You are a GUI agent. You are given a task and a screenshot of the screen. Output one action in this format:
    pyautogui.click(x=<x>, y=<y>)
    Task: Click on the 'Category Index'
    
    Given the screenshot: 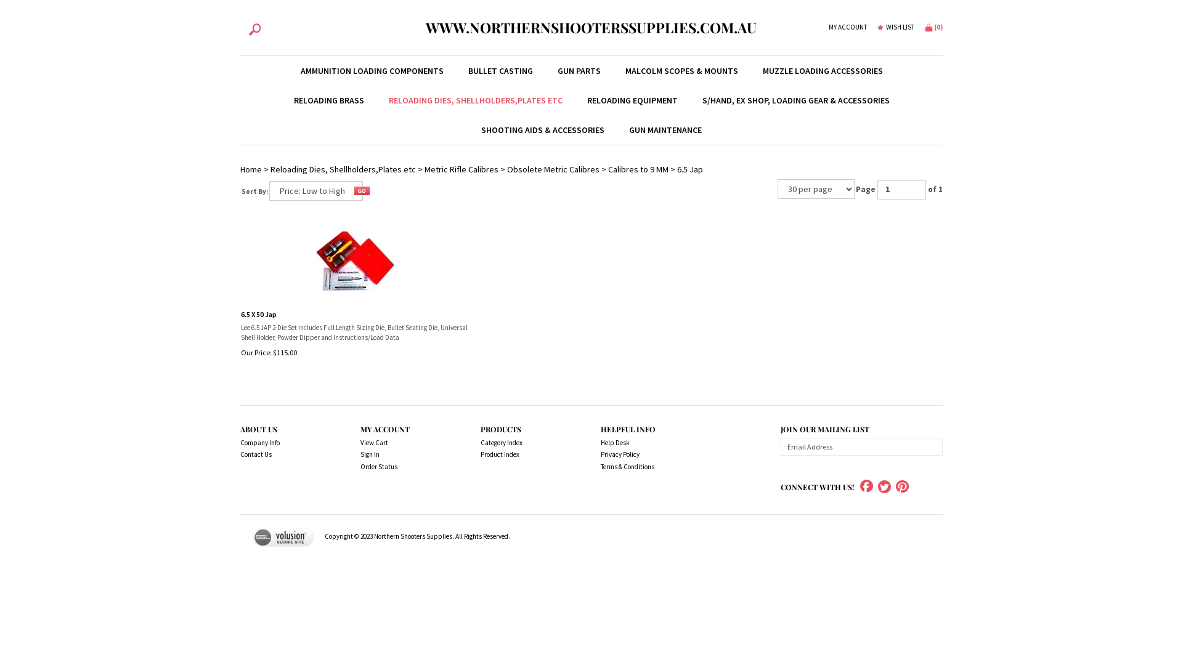 What is the action you would take?
    pyautogui.click(x=526, y=443)
    